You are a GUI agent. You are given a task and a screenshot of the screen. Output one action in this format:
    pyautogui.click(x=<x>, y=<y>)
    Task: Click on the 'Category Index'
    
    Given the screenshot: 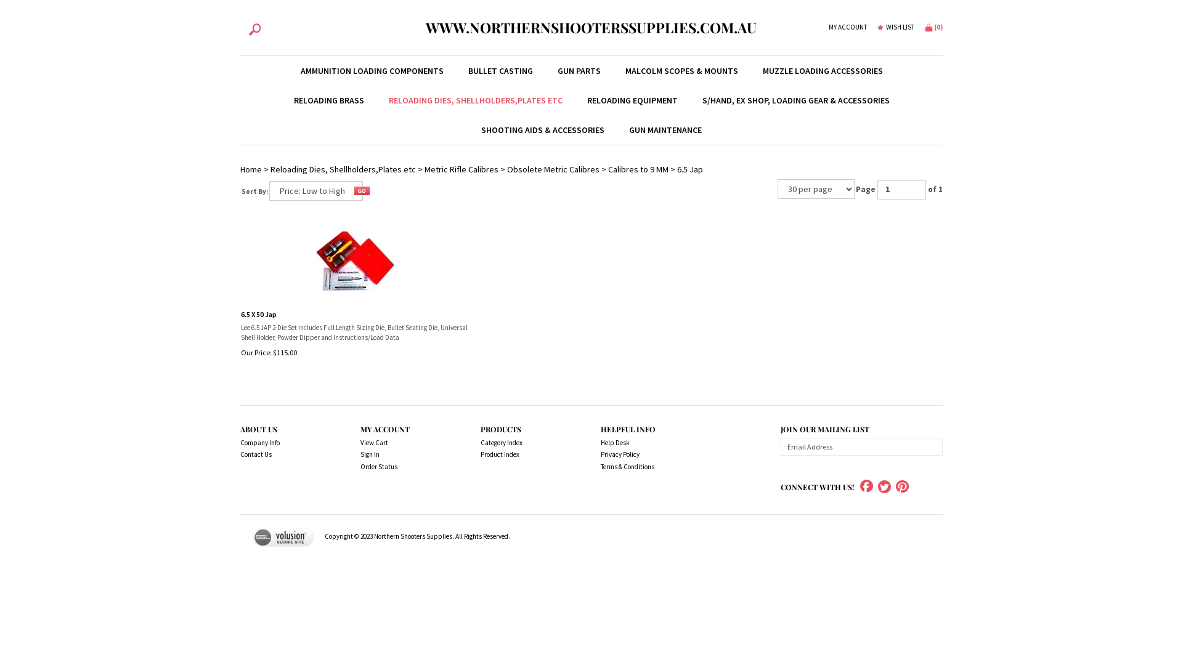 What is the action you would take?
    pyautogui.click(x=526, y=443)
    